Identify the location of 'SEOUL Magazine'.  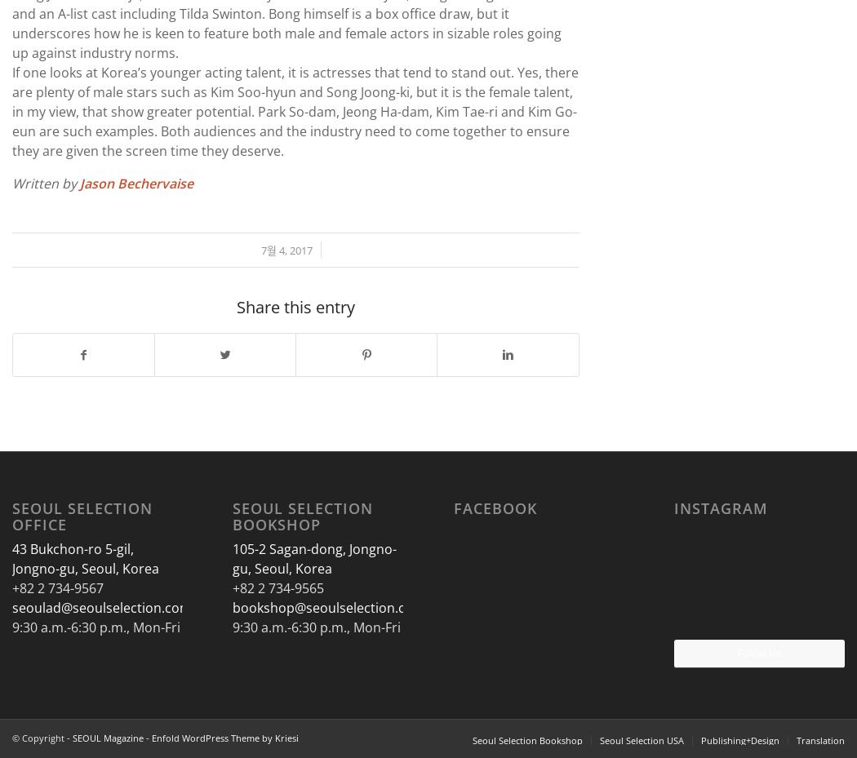
(73, 738).